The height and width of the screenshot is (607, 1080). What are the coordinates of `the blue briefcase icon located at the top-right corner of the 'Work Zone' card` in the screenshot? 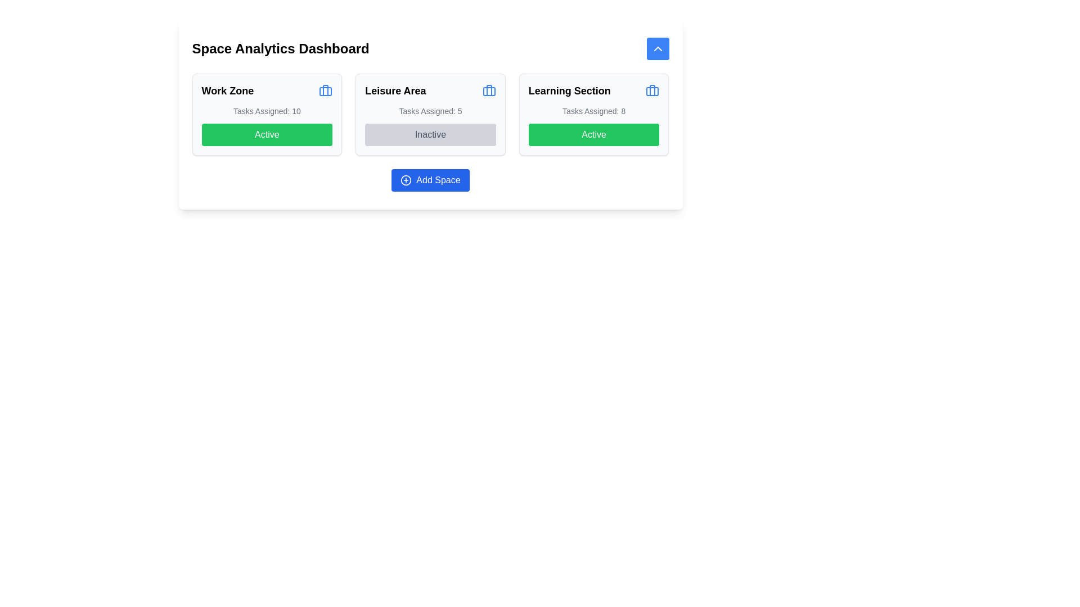 It's located at (325, 90).